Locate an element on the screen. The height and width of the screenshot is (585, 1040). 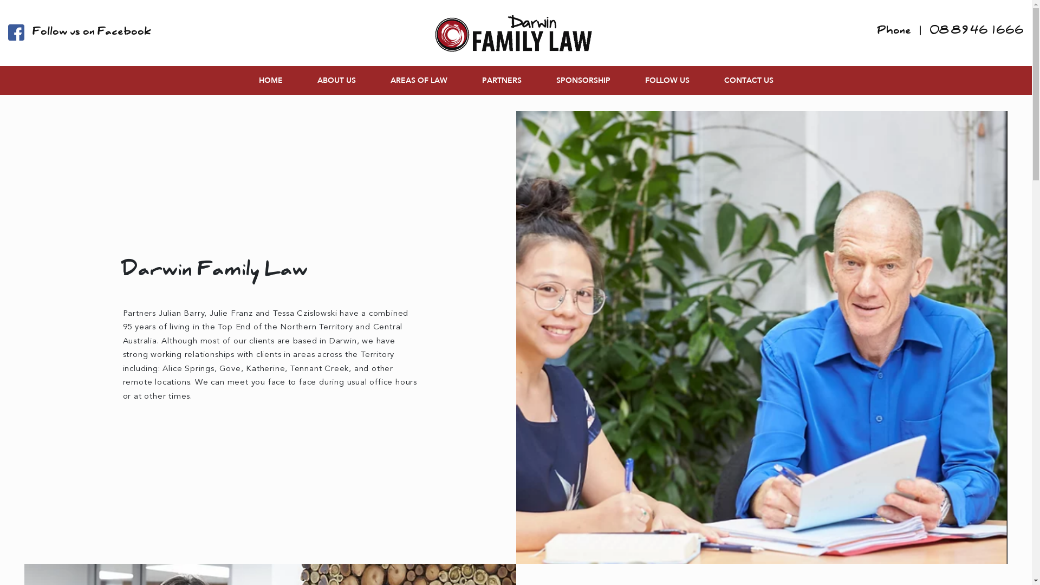
'SPONSORSHIP' is located at coordinates (582, 80).